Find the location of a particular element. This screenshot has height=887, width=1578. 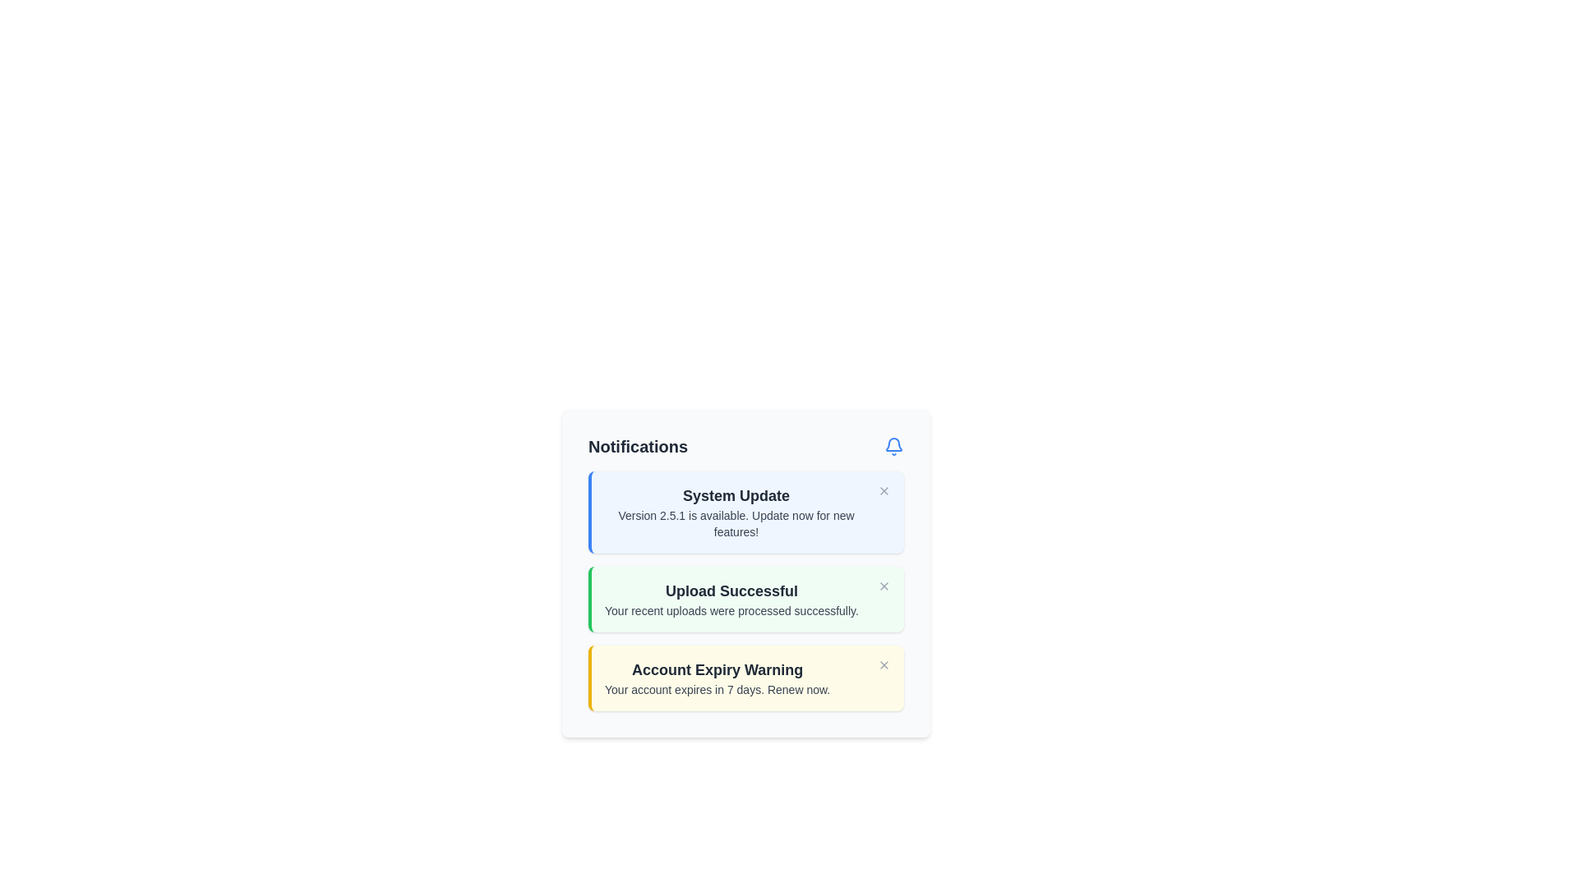

the 'Upload Successful' text component located at the top of the second notification card, which is styled in a bold and large font within a light green rectangular area is located at coordinates (731, 591).